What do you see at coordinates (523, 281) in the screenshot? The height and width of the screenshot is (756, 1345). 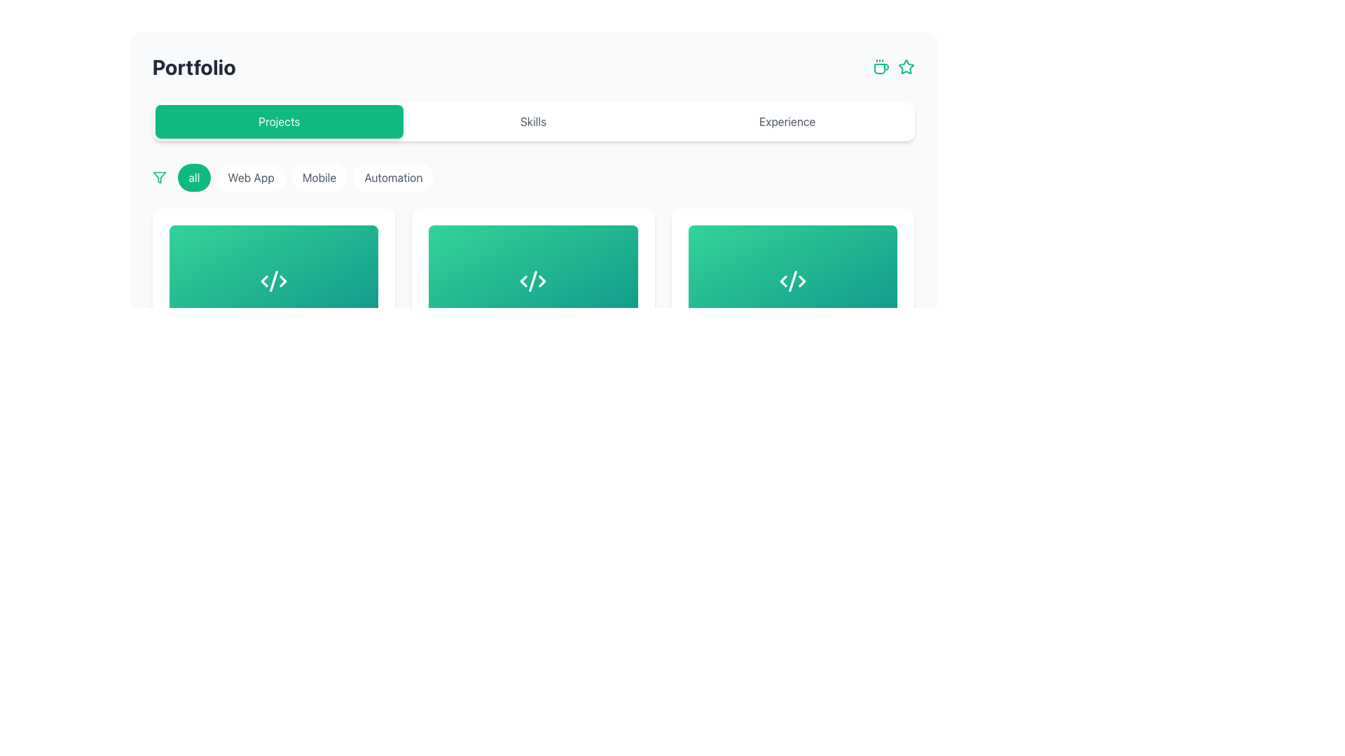 I see `the leftward-pointing chevron SVG element that is part of a stylized icon set indicating leftward navigation` at bounding box center [523, 281].